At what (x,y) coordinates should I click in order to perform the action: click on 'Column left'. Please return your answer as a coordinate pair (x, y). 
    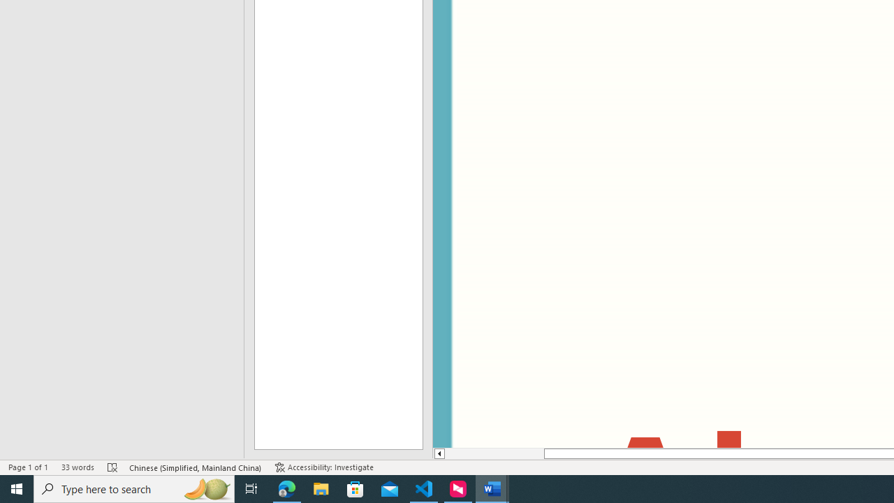
    Looking at the image, I should click on (438, 453).